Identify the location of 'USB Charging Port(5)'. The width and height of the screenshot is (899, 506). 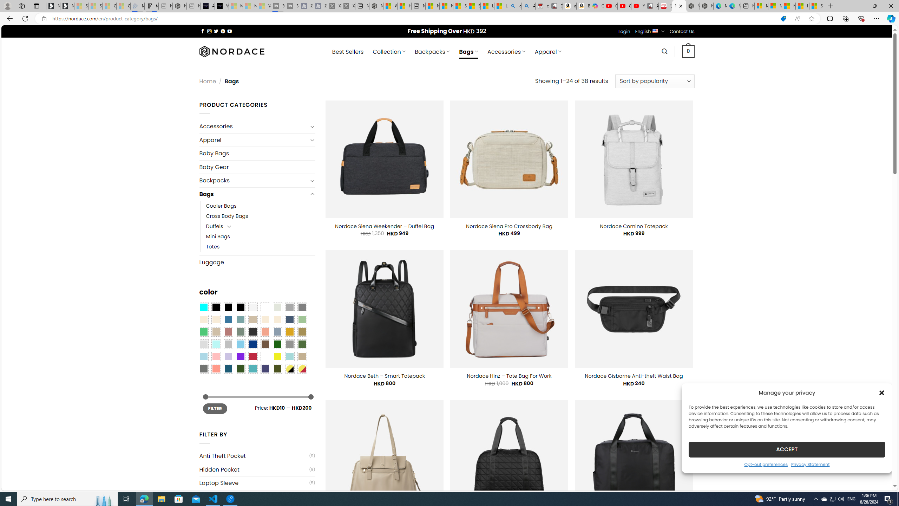
(257, 497).